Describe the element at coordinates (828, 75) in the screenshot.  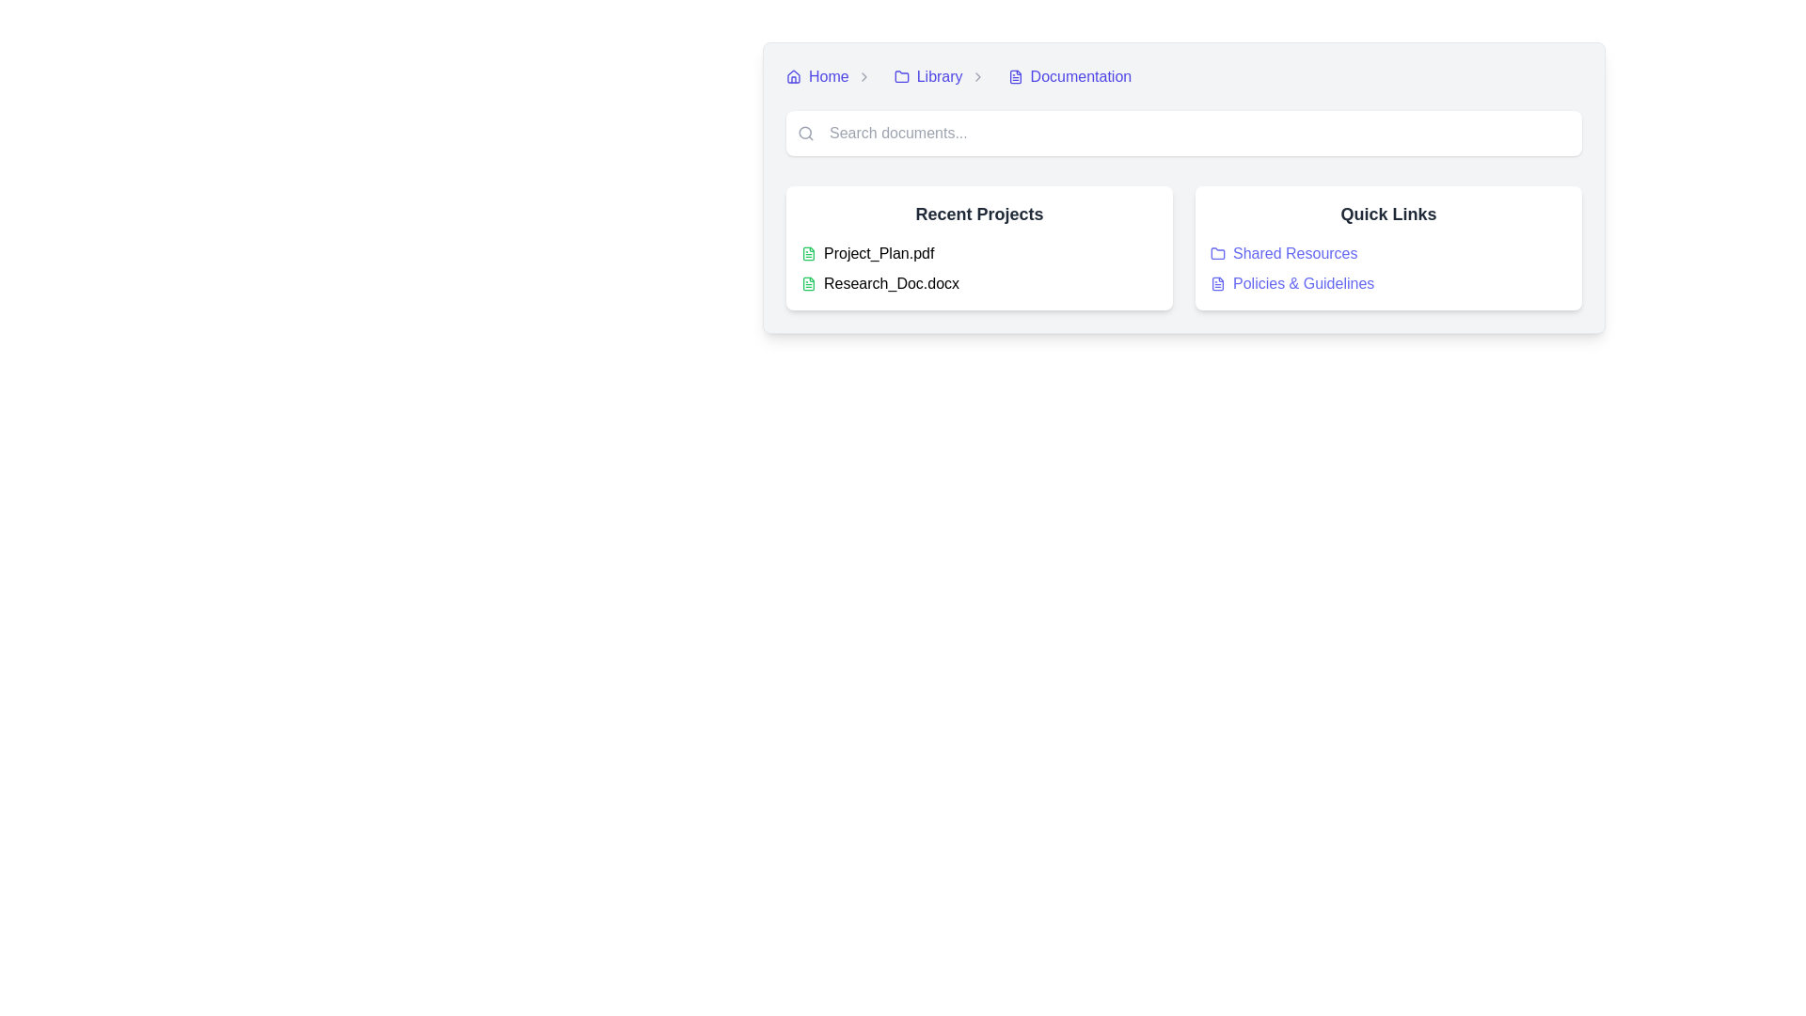
I see `the styling of the 'Home' text label within the breadcrumb navigation, which aids users in understanding the current navigation context` at that location.